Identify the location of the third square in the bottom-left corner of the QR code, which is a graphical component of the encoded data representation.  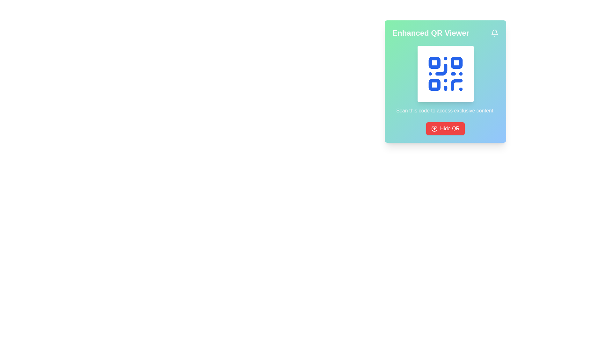
(434, 84).